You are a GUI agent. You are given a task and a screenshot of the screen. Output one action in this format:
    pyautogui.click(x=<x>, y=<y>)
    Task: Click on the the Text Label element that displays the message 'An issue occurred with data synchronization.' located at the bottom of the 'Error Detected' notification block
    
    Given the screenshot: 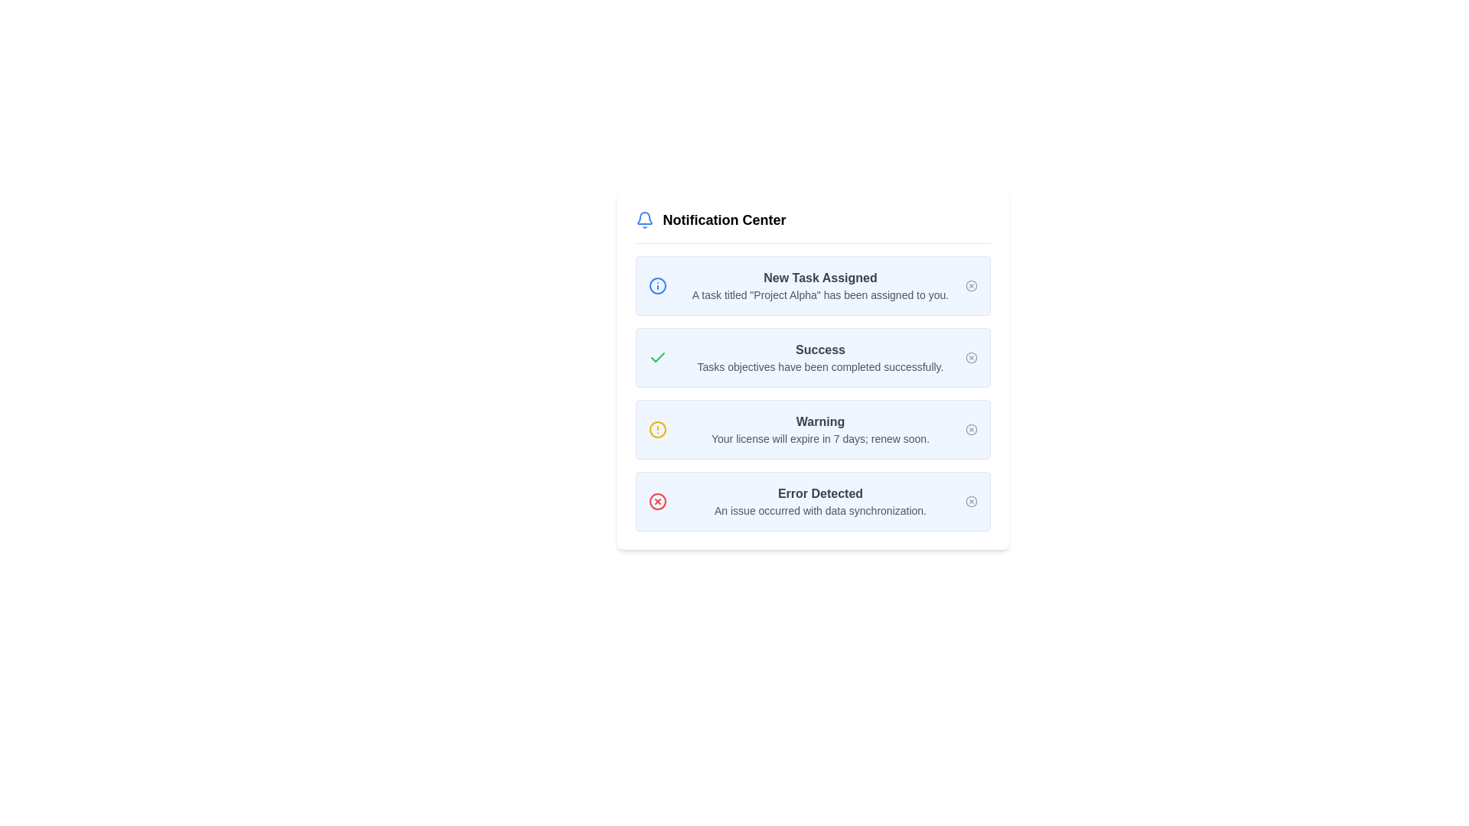 What is the action you would take?
    pyautogui.click(x=819, y=510)
    